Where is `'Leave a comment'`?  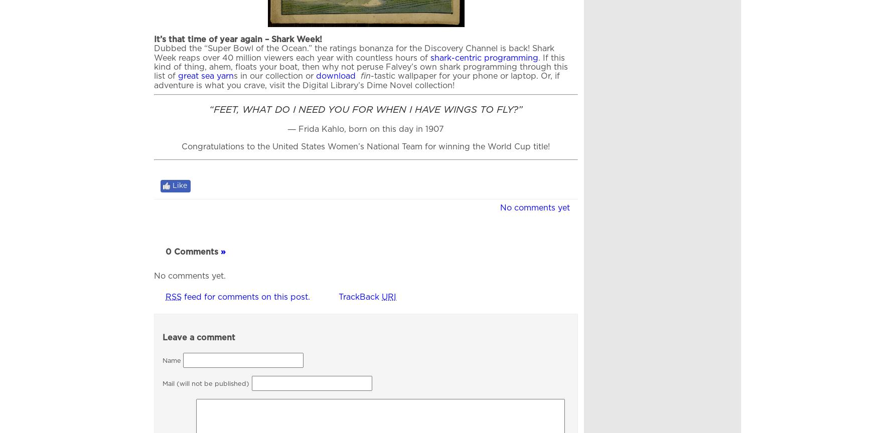 'Leave a comment' is located at coordinates (198, 337).